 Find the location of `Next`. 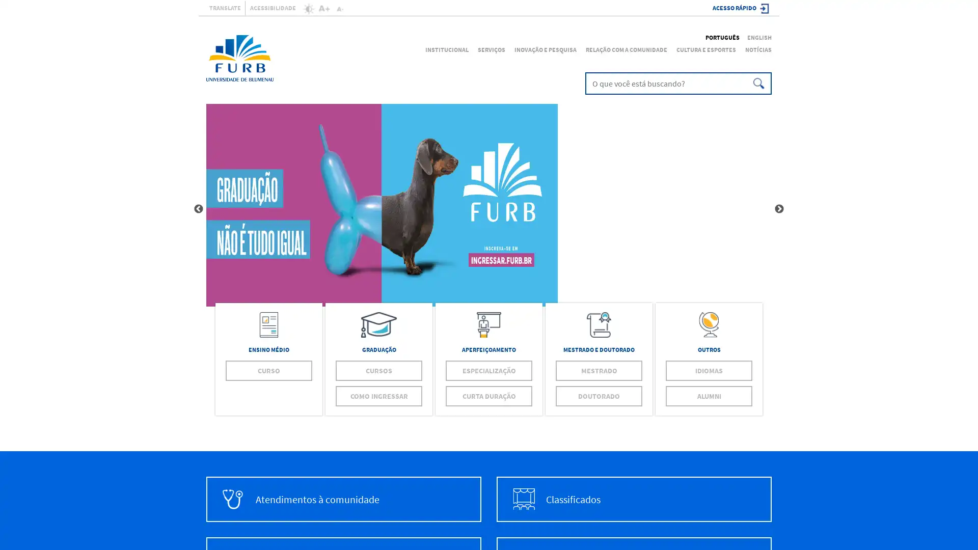

Next is located at coordinates (779, 209).